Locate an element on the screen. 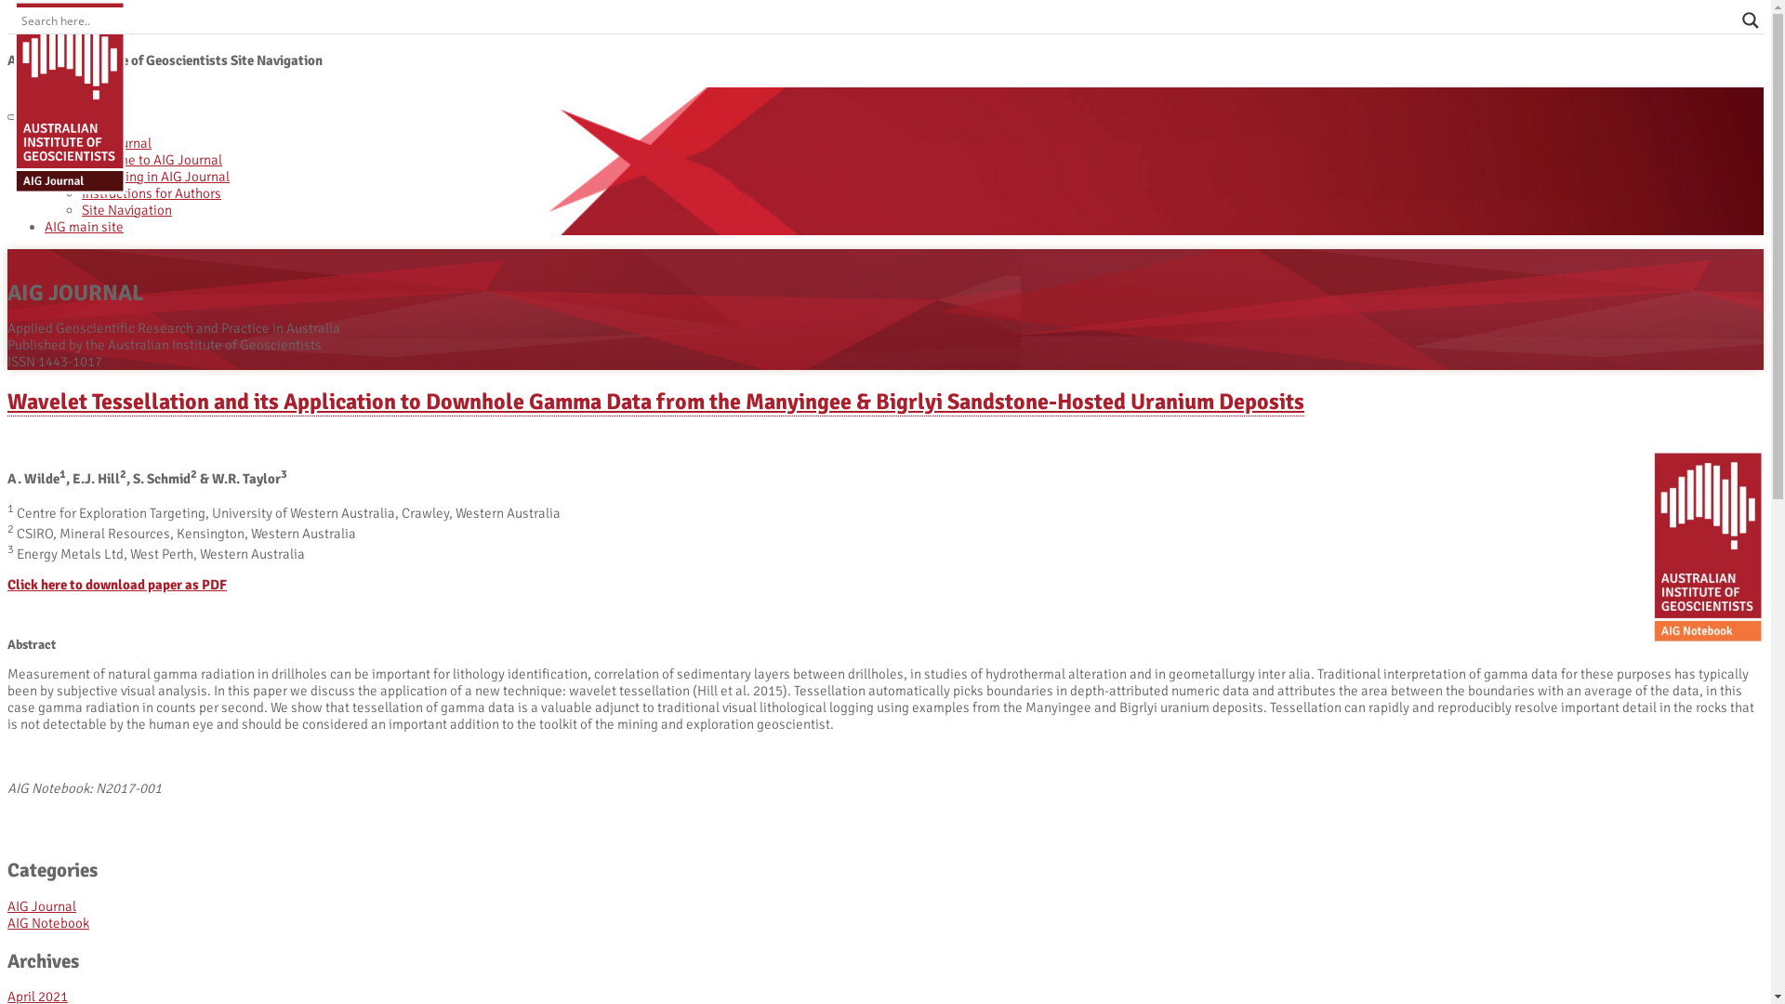 This screenshot has width=1785, height=1004. 'AIG Journal' is located at coordinates (41, 905).